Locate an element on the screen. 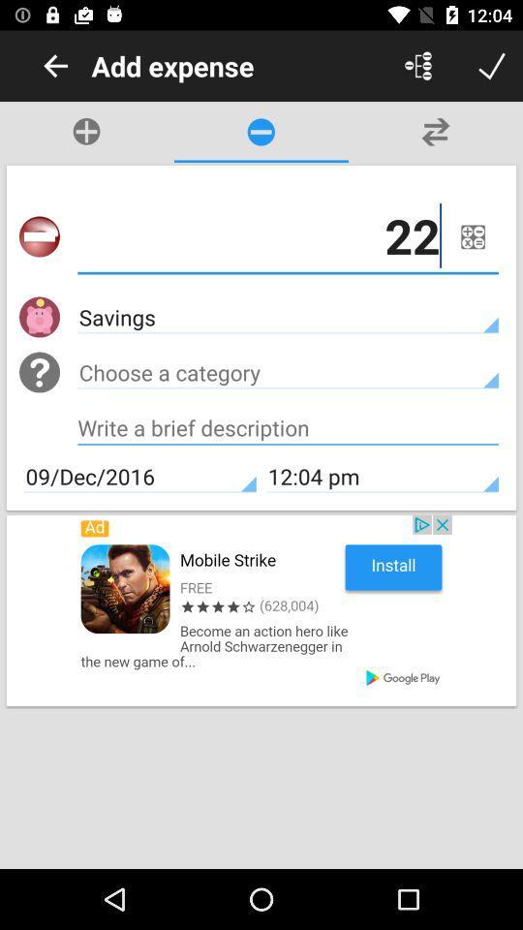  gaming advertisement is located at coordinates (261, 609).